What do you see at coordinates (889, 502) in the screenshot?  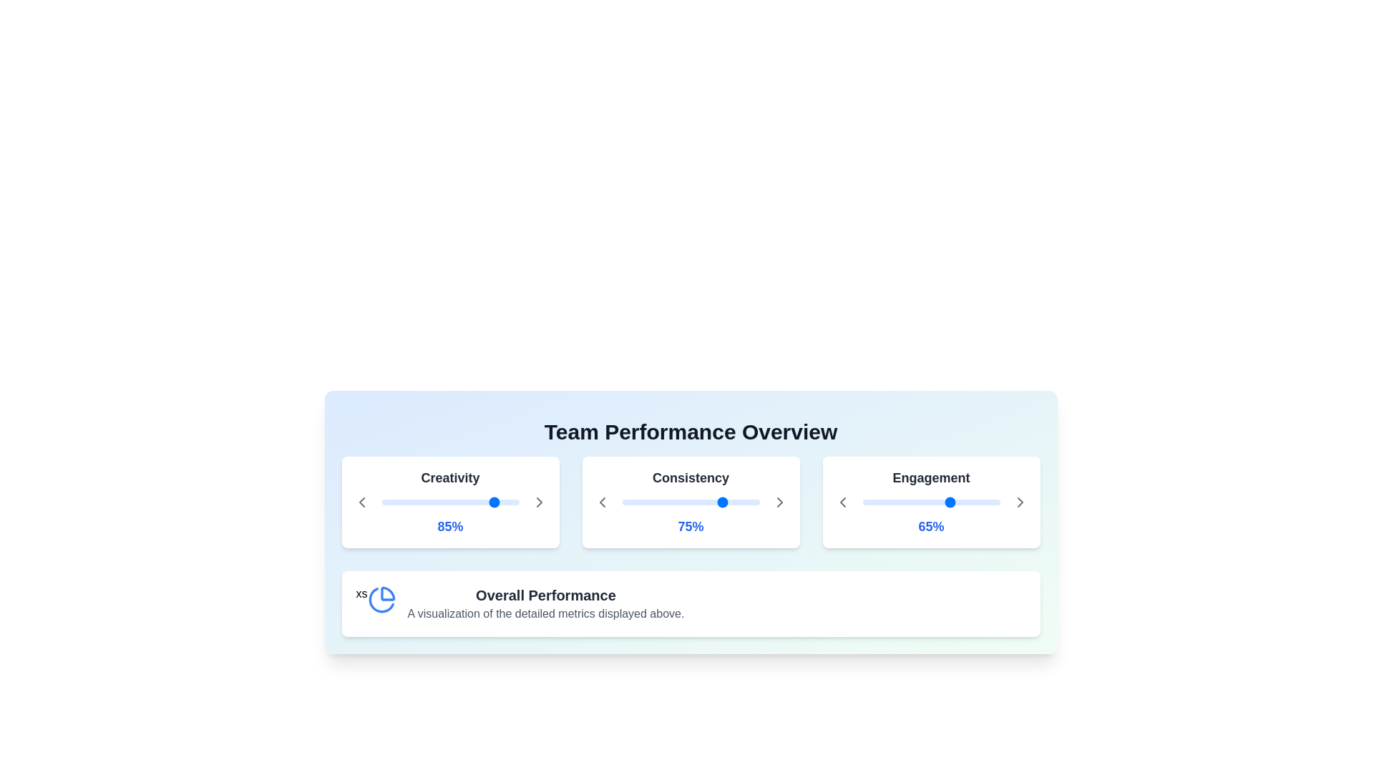 I see `the engagement value` at bounding box center [889, 502].